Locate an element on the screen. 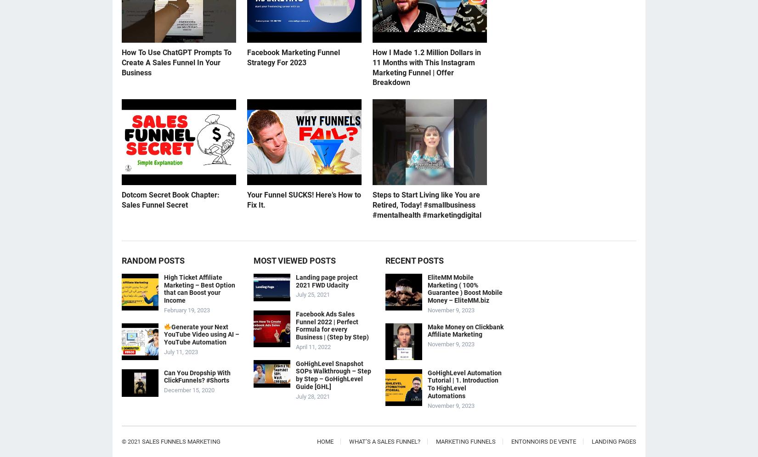 The image size is (758, 457). 'Facebook Marketing Funnel Strategy For 2023' is located at coordinates (293, 57).